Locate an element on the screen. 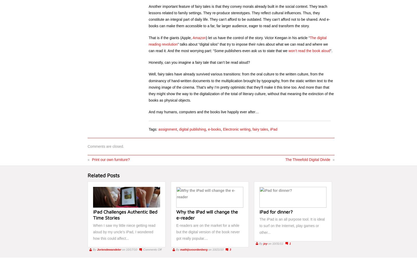  'e-books' is located at coordinates (214, 129).